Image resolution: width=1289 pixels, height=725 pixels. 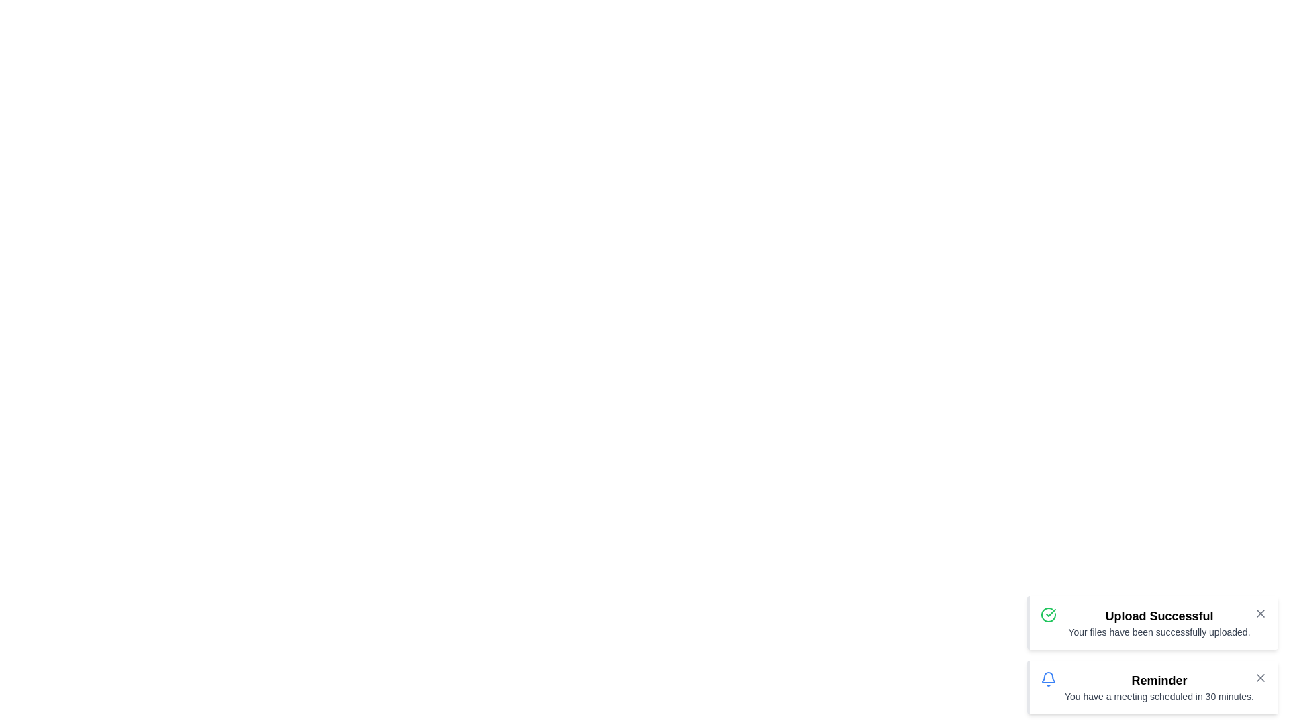 I want to click on the notification list vertically by 90 pixels, so click(x=1151, y=654).